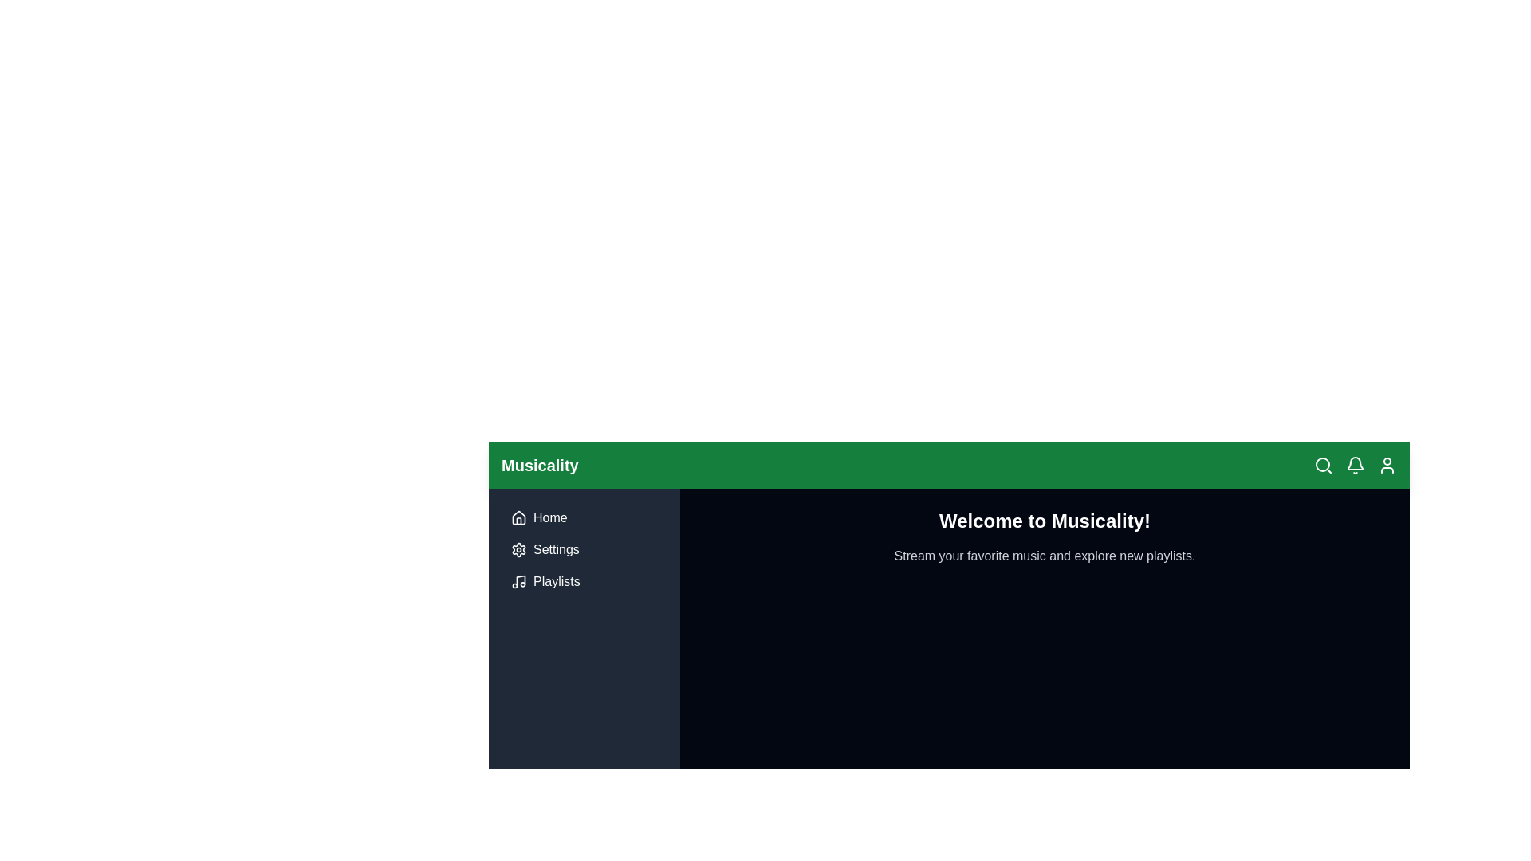 The height and width of the screenshot is (861, 1531). Describe the element at coordinates (519, 518) in the screenshot. I see `the house-like icon, which is part of the 'Home' button in the navigation panel` at that location.